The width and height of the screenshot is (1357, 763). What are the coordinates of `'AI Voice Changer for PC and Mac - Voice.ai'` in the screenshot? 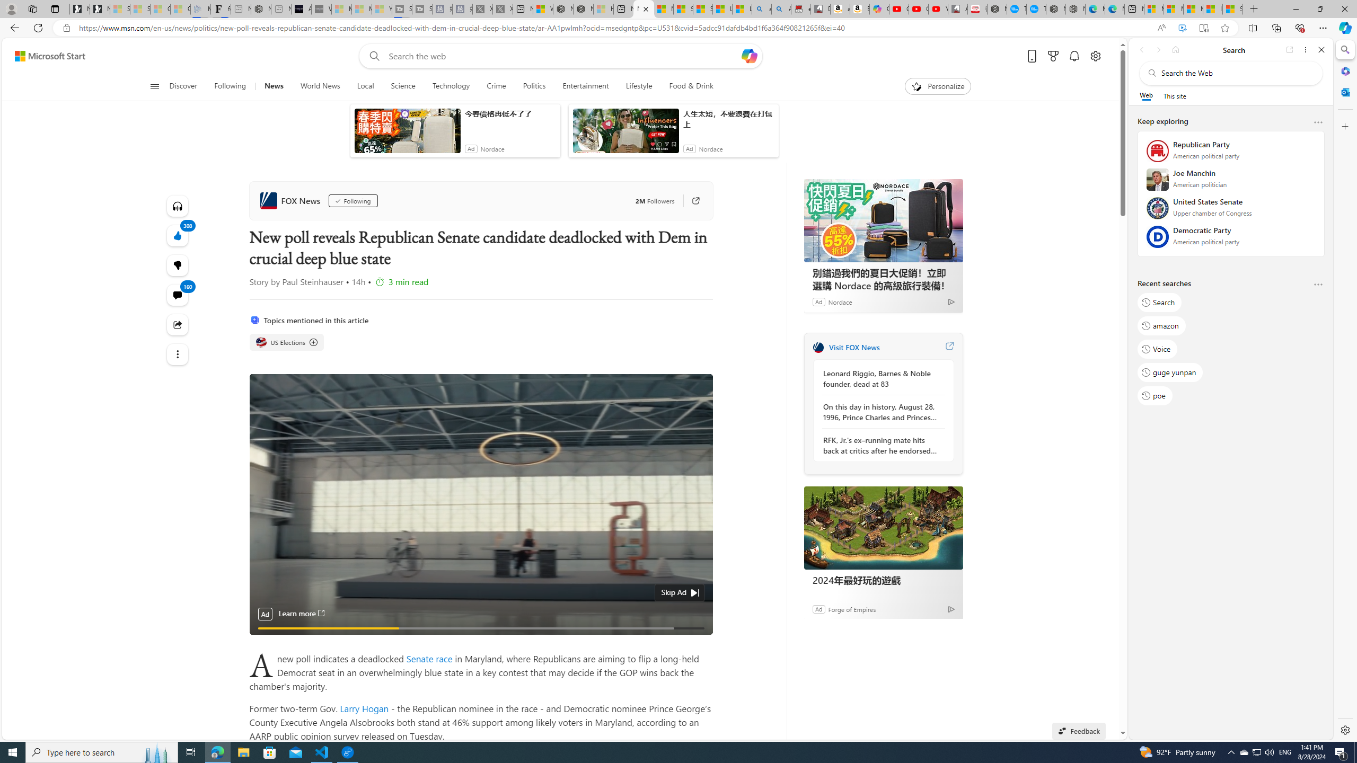 It's located at (301, 8).